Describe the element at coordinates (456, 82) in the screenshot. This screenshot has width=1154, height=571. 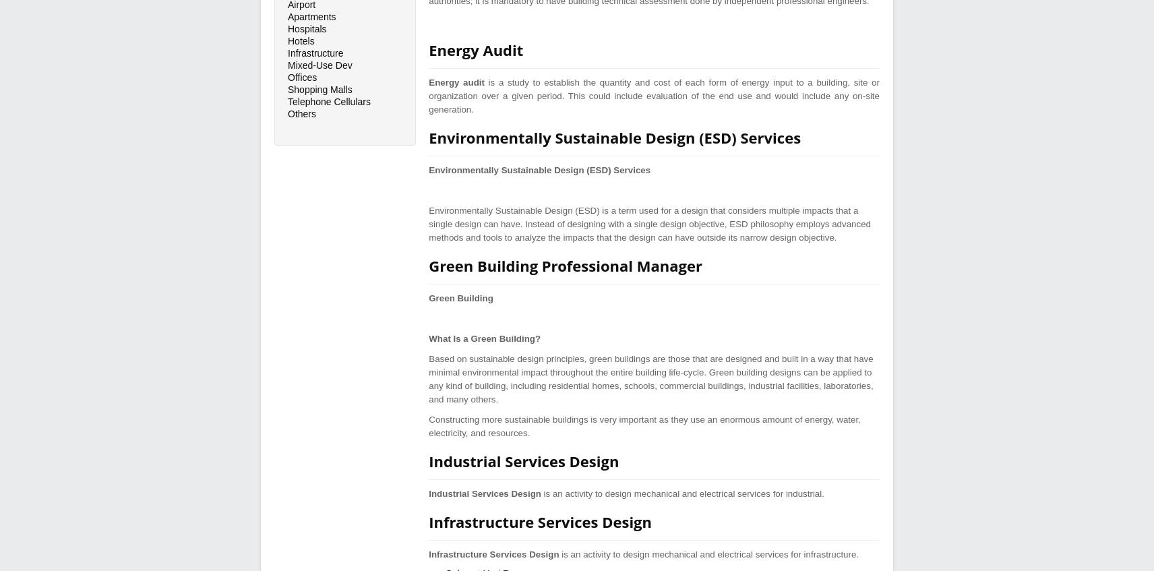
I see `'Energy audit'` at that location.